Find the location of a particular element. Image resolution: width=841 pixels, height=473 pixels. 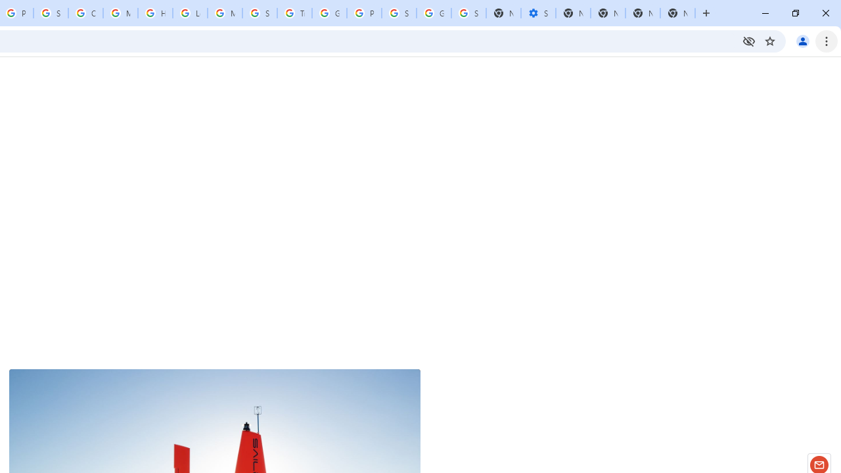

'Google Cybersecurity Innovations - Google Safety Center' is located at coordinates (434, 13).